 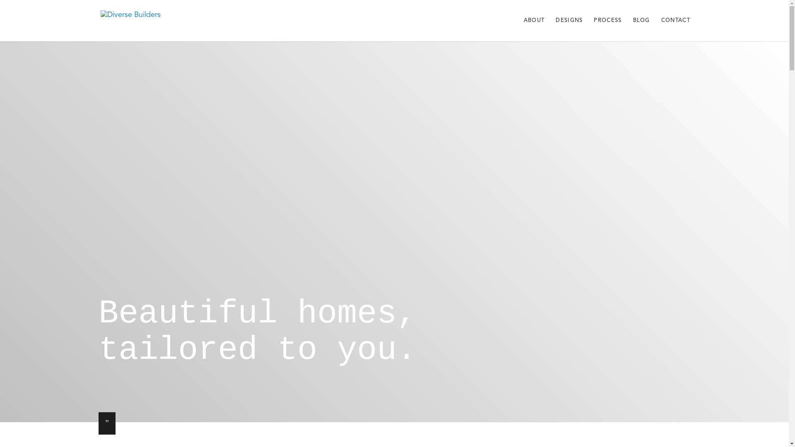 What do you see at coordinates (523, 29) in the screenshot?
I see `'ABOUT'` at bounding box center [523, 29].